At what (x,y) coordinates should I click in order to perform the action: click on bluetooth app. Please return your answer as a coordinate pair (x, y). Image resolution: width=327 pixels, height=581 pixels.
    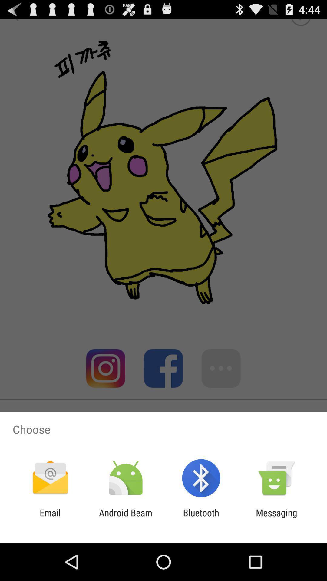
    Looking at the image, I should click on (201, 518).